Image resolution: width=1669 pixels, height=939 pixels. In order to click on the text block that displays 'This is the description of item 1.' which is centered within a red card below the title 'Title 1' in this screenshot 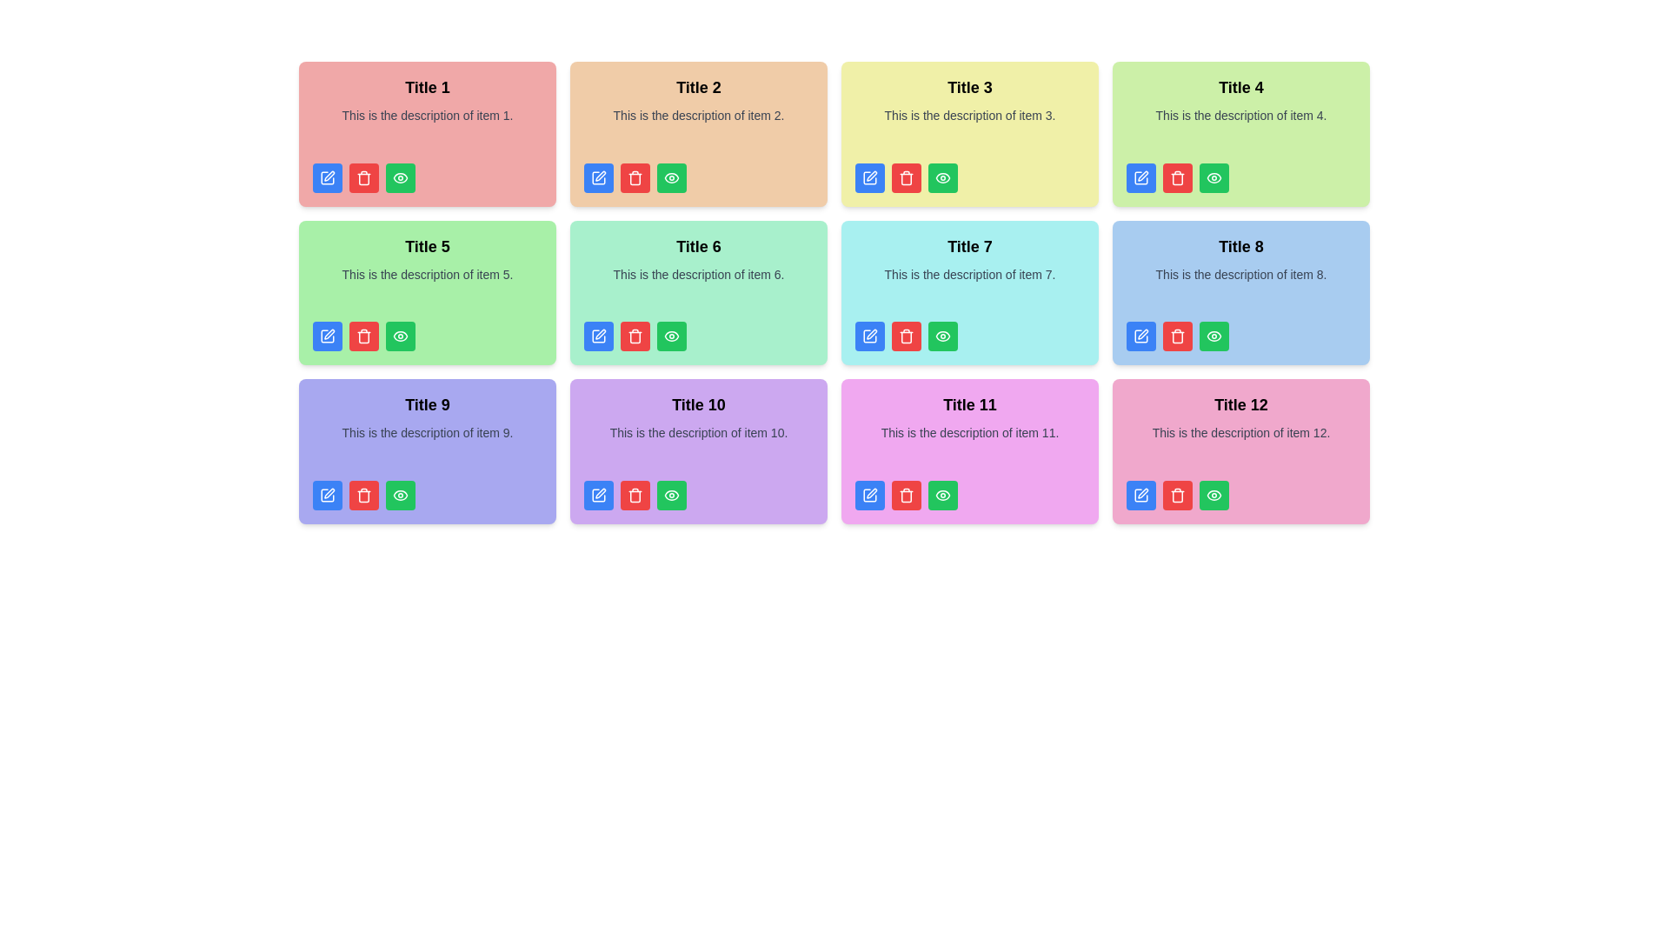, I will do `click(427, 129)`.